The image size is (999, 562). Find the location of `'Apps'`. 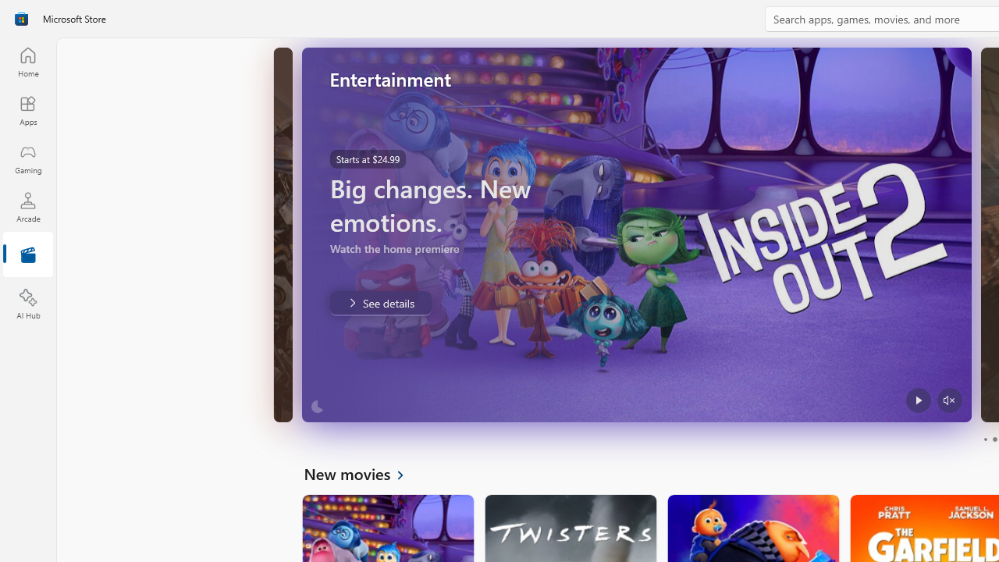

'Apps' is located at coordinates (27, 109).